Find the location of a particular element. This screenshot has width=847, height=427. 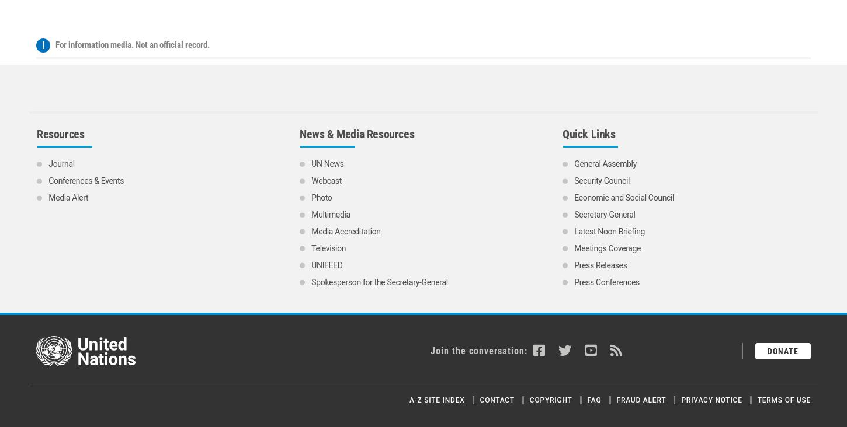

'Media Accreditation' is located at coordinates (311, 121).